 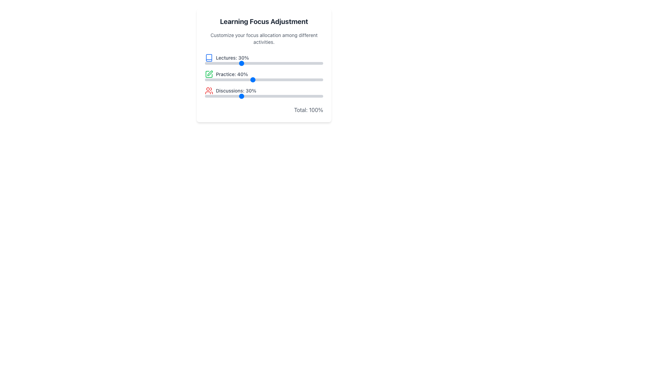 I want to click on the range slider bar to set a new value for the 'Practice' percentage allocation, currently set at 40%, so click(x=264, y=79).